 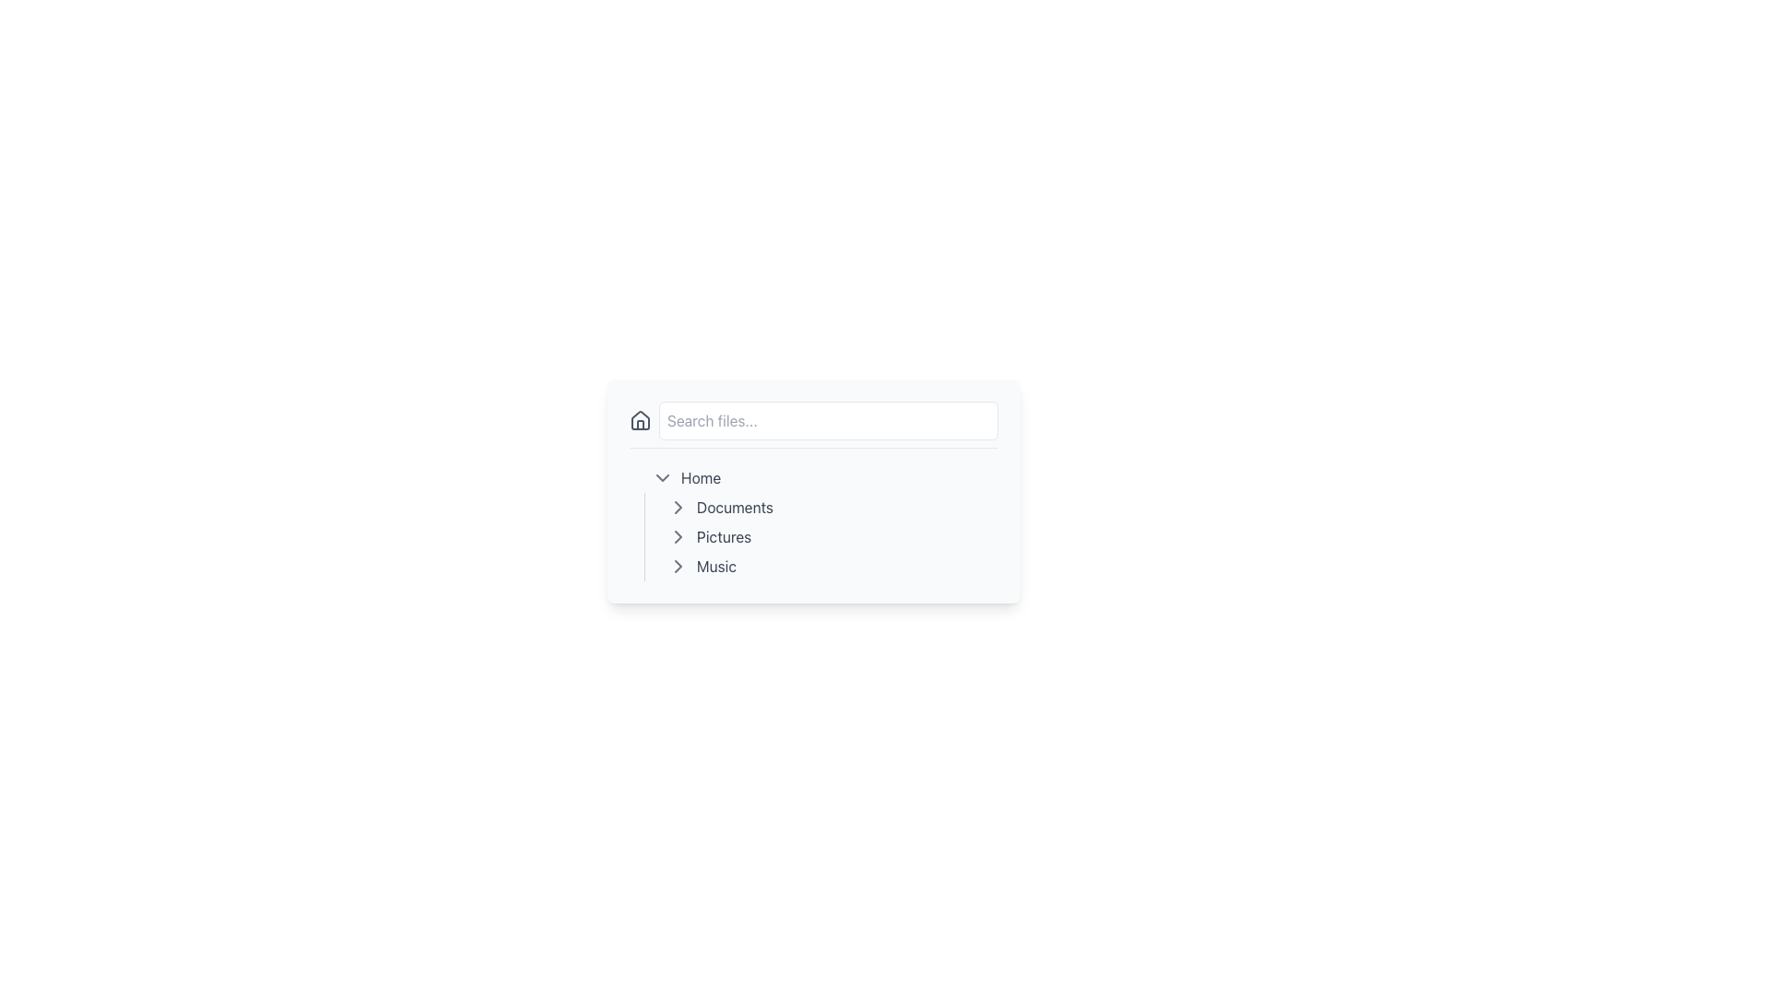 I want to click on the gray arrow icon pointing to the right, located in the navigation menu next to the 'Music' label, so click(x=677, y=565).